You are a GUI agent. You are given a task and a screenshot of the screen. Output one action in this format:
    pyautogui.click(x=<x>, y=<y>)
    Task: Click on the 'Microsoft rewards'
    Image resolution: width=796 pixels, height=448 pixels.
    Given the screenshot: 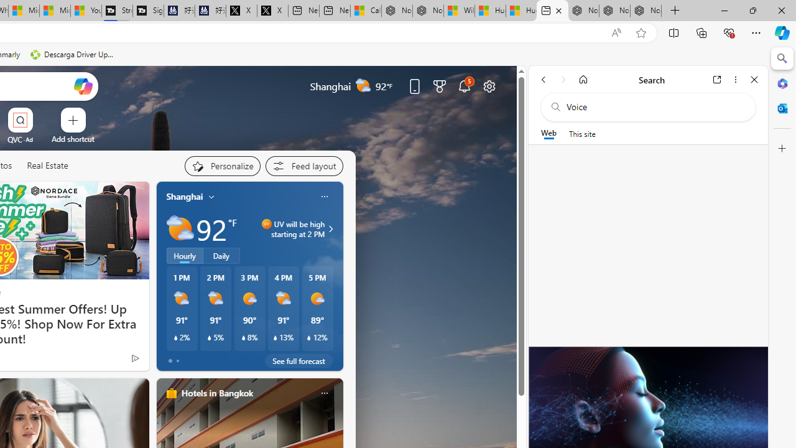 What is the action you would take?
    pyautogui.click(x=440, y=85)
    